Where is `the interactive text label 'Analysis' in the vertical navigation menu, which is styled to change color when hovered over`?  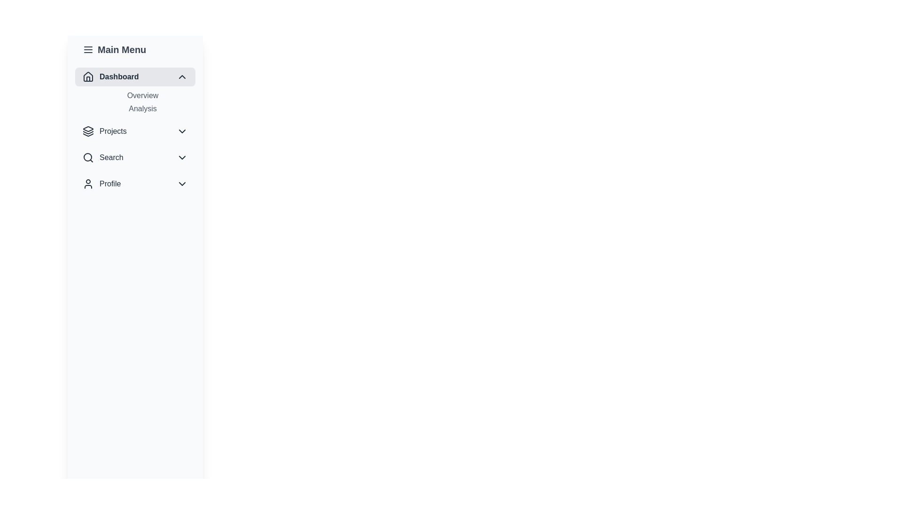 the interactive text label 'Analysis' in the vertical navigation menu, which is styled to change color when hovered over is located at coordinates (142, 108).